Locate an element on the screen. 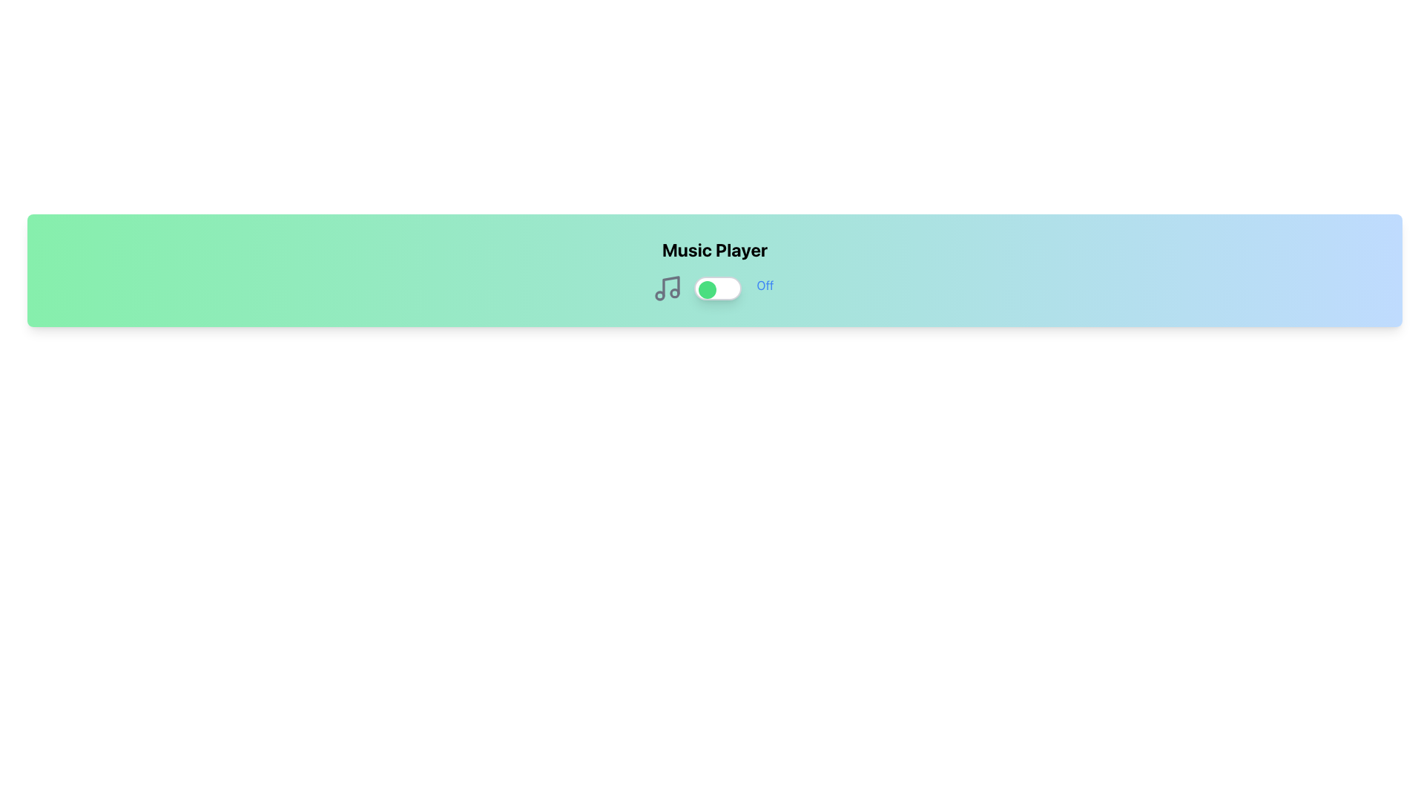 Image resolution: width=1424 pixels, height=801 pixels. the musical note icon, which symbolizes music playback or settings, located to the left of the toggle switch is located at coordinates (667, 289).